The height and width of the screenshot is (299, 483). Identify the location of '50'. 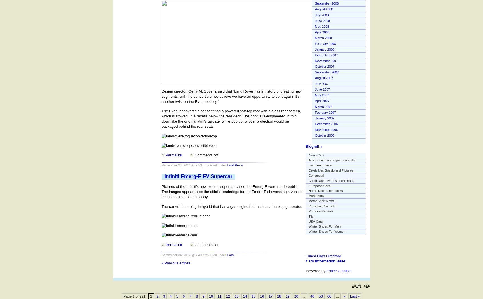
(320, 296).